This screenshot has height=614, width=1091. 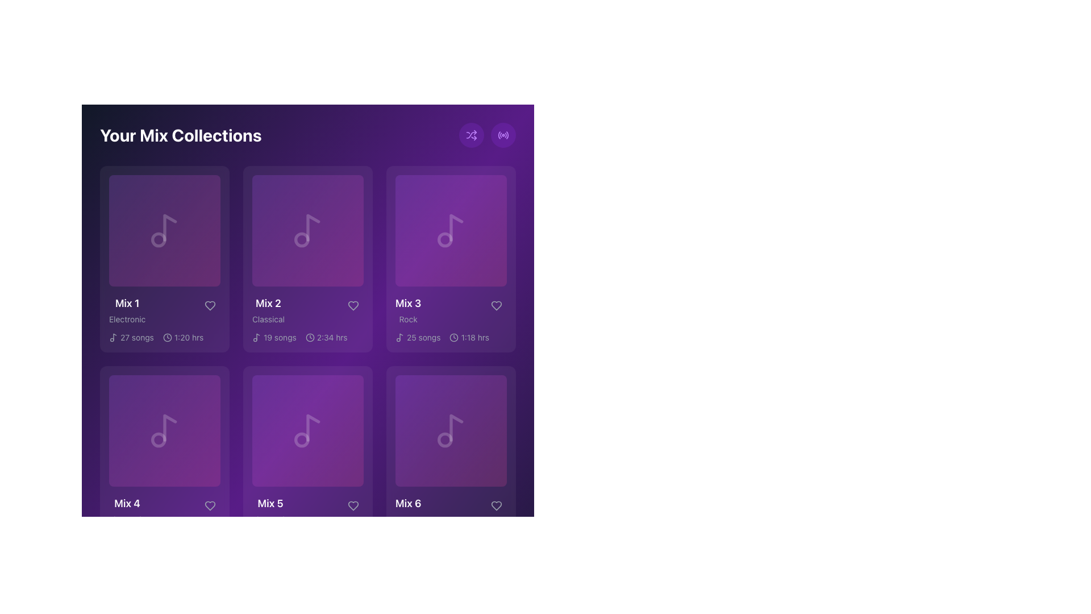 I want to click on the outermost arc of the radio wave icon located in the top-right section of the interface, which is styled with a thin purple stroke, so click(x=499, y=135).